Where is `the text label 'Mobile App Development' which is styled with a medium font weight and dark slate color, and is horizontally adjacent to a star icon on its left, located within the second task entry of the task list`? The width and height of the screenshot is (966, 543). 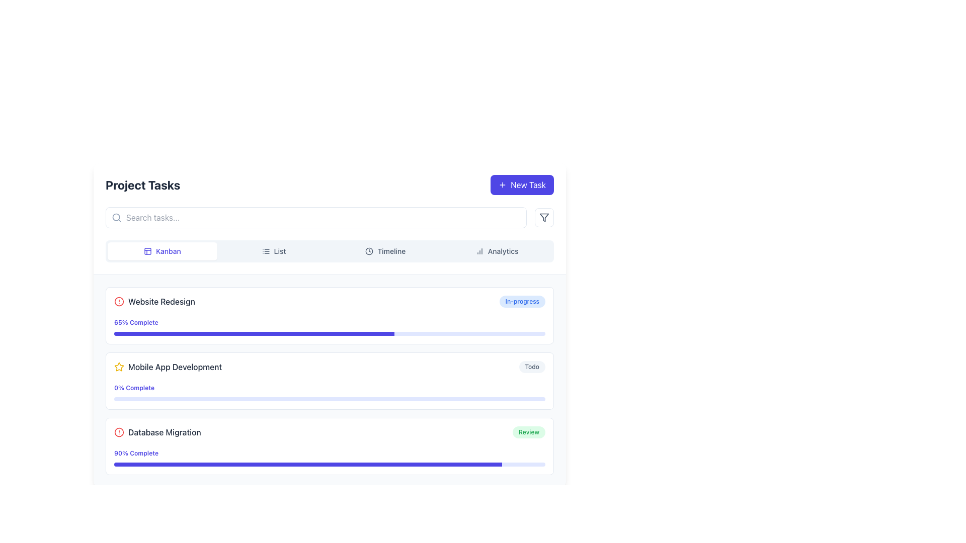
the text label 'Mobile App Development' which is styled with a medium font weight and dark slate color, and is horizontally adjacent to a star icon on its left, located within the second task entry of the task list is located at coordinates (175, 367).